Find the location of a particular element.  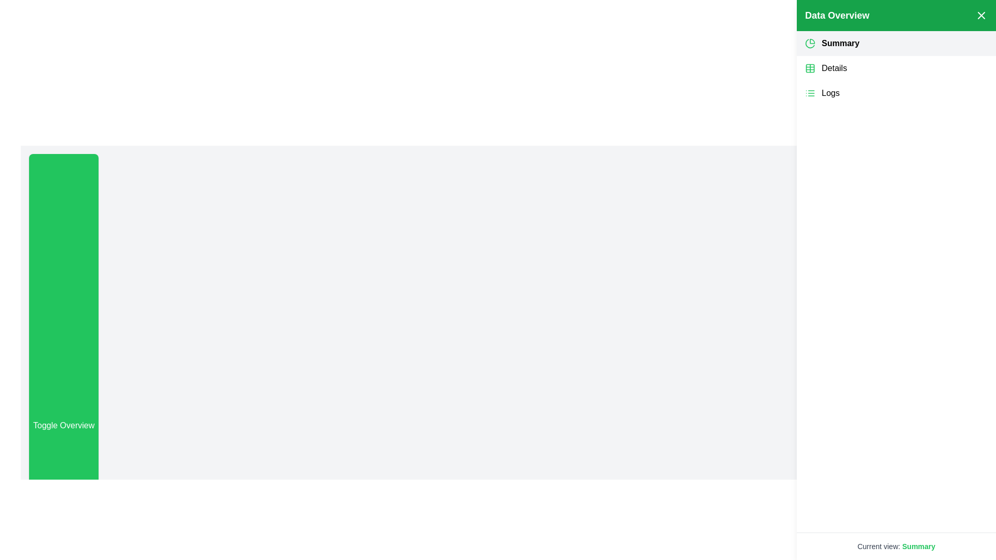

the 'X' icon button in the top-right corner of the 'Data Overview' header is located at coordinates (980, 16).